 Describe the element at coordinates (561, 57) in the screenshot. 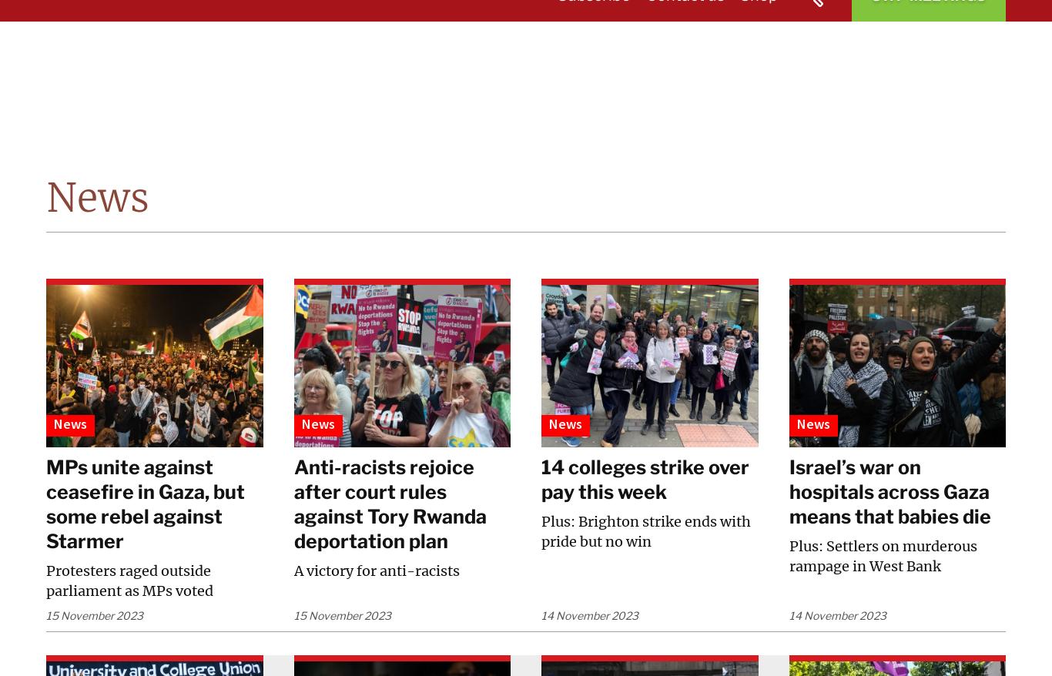

I see `'News & Analysis'` at that location.